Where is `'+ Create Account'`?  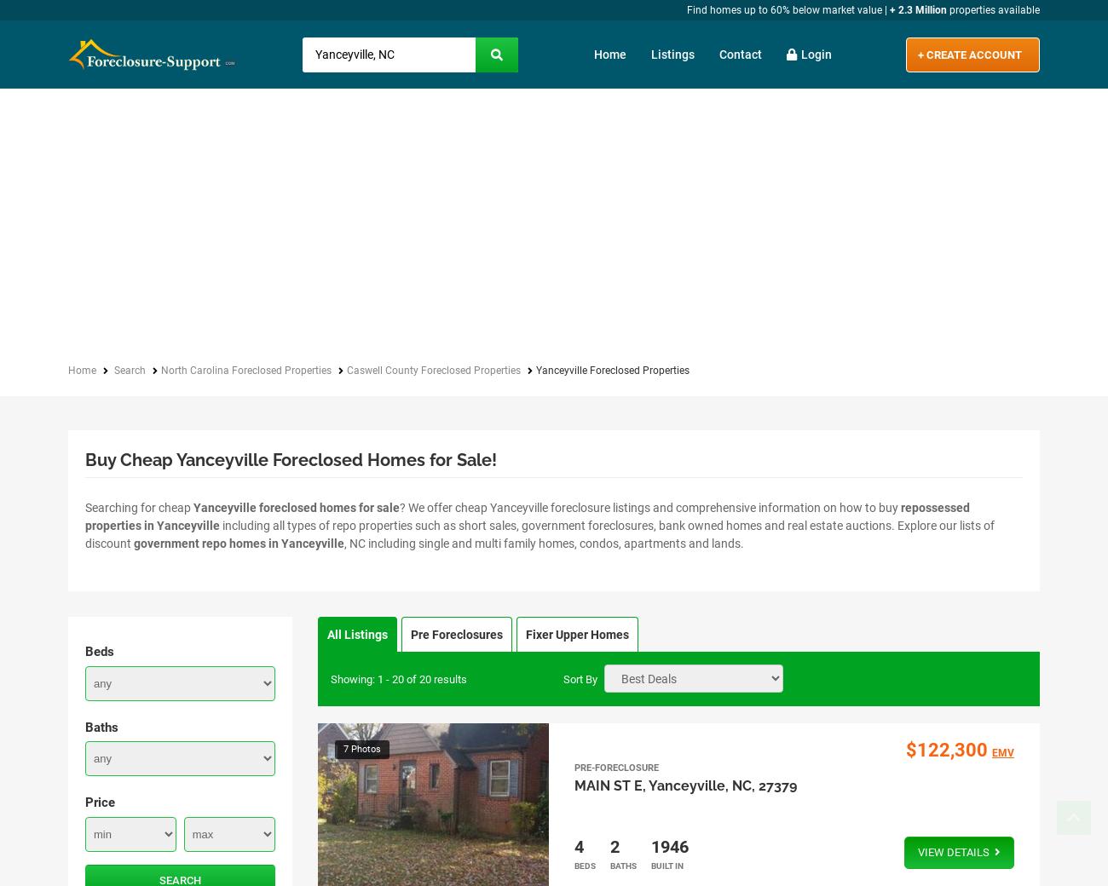 '+ Create Account' is located at coordinates (967, 53).